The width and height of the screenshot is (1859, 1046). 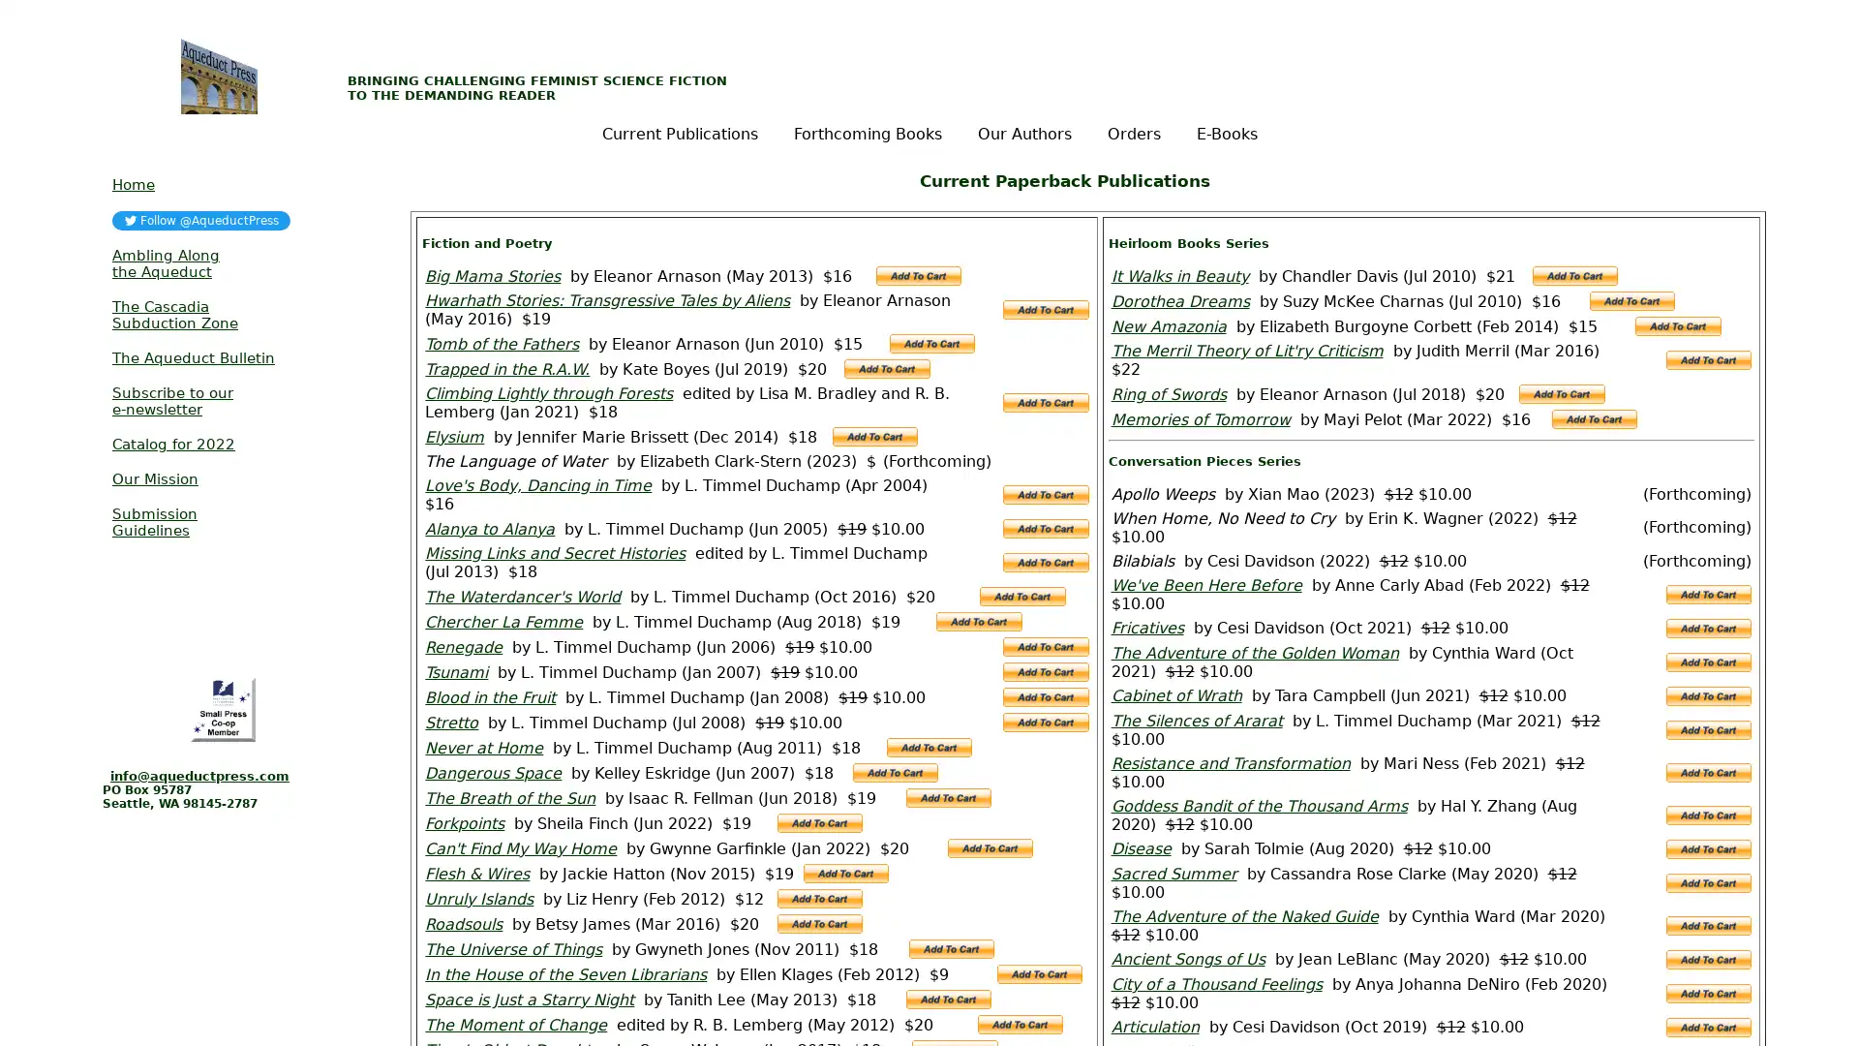 What do you see at coordinates (1594, 417) in the screenshot?
I see `Make payments with PayPal - it\'s fast, free and secure!` at bounding box center [1594, 417].